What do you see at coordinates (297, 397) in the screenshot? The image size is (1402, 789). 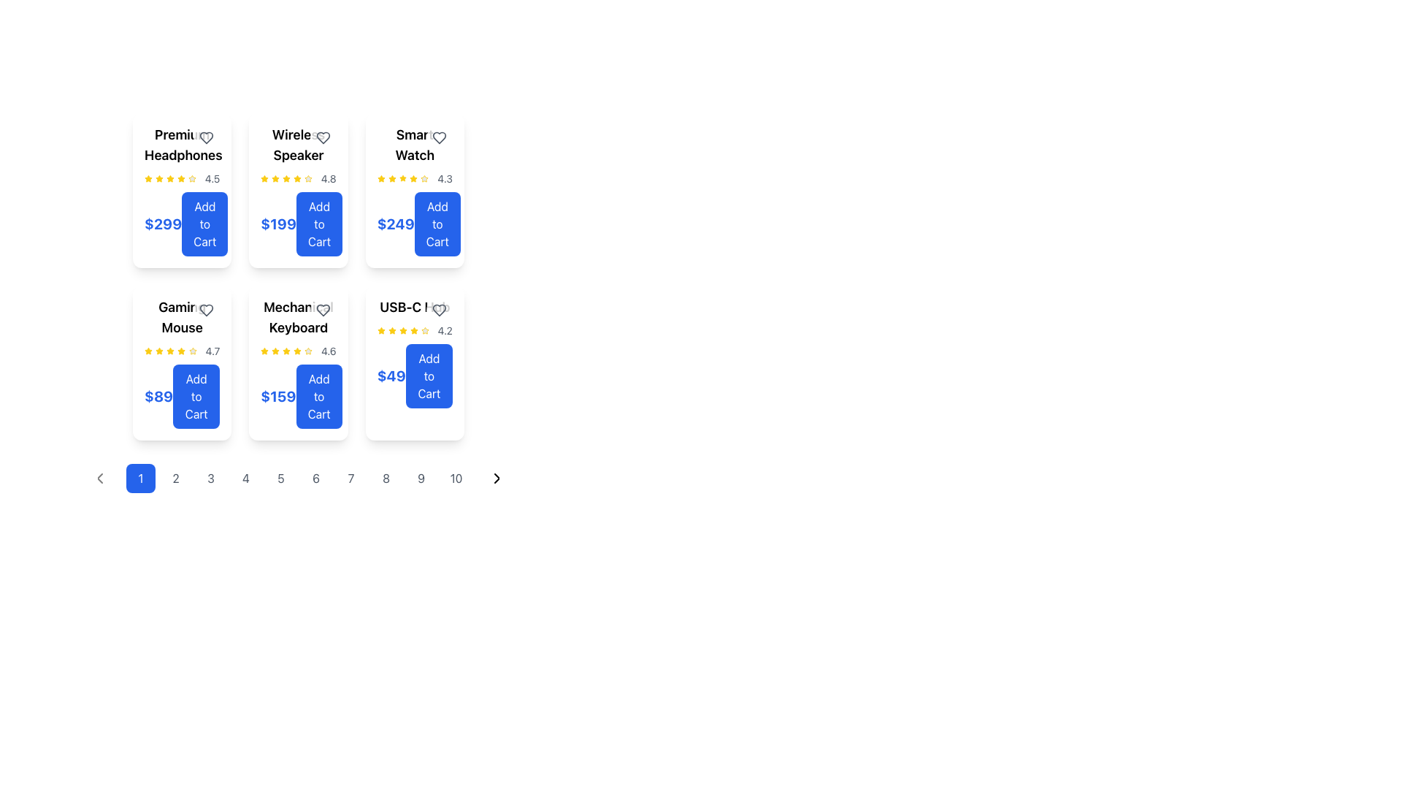 I see `the price label of the 'Mechanical Keyboard' product in the fourth card of the second row` at bounding box center [297, 397].